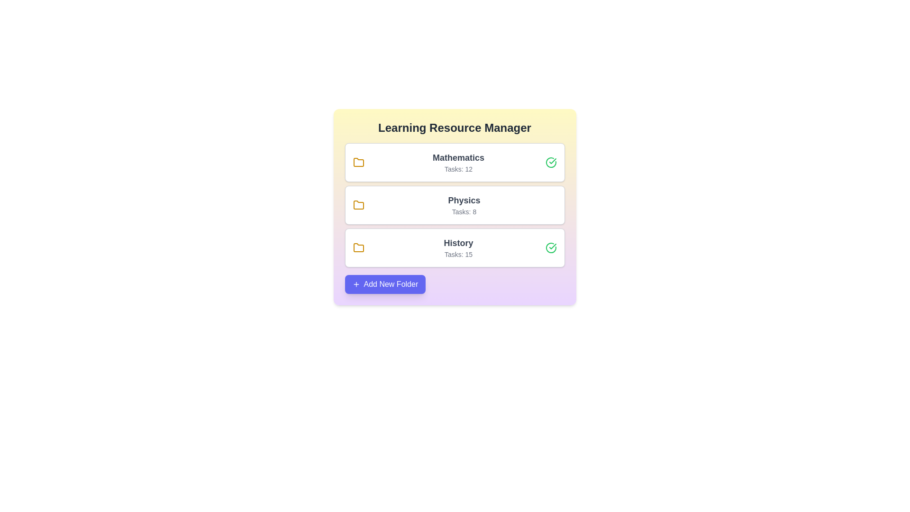 The width and height of the screenshot is (910, 512). What do you see at coordinates (454, 247) in the screenshot?
I see `the folder corresponding to History` at bounding box center [454, 247].